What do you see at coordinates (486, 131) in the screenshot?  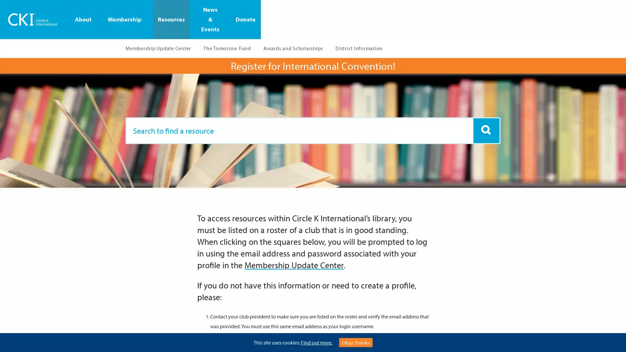 I see `Artboard 1 copy 6` at bounding box center [486, 131].